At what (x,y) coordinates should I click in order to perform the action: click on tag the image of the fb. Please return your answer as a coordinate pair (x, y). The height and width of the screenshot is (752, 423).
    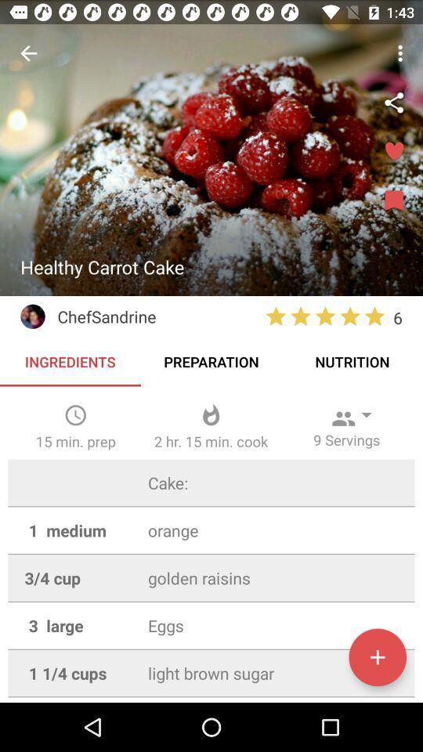
    Looking at the image, I should click on (393, 102).